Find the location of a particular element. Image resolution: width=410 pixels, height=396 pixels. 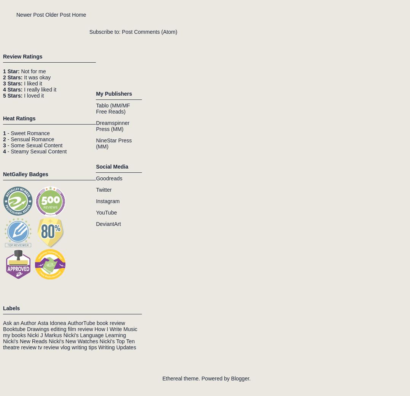

'Not for me' is located at coordinates (19, 71).